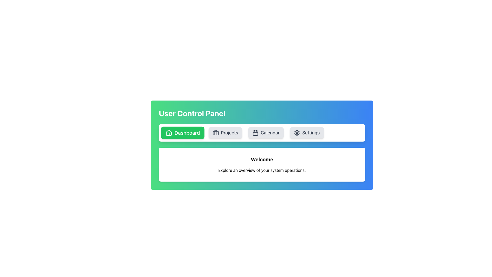 This screenshot has height=277, width=492. I want to click on the calendar icon in the third position of the horizontal navigation menu, located between the 'Projects' and 'Settings' icons, so click(255, 132).